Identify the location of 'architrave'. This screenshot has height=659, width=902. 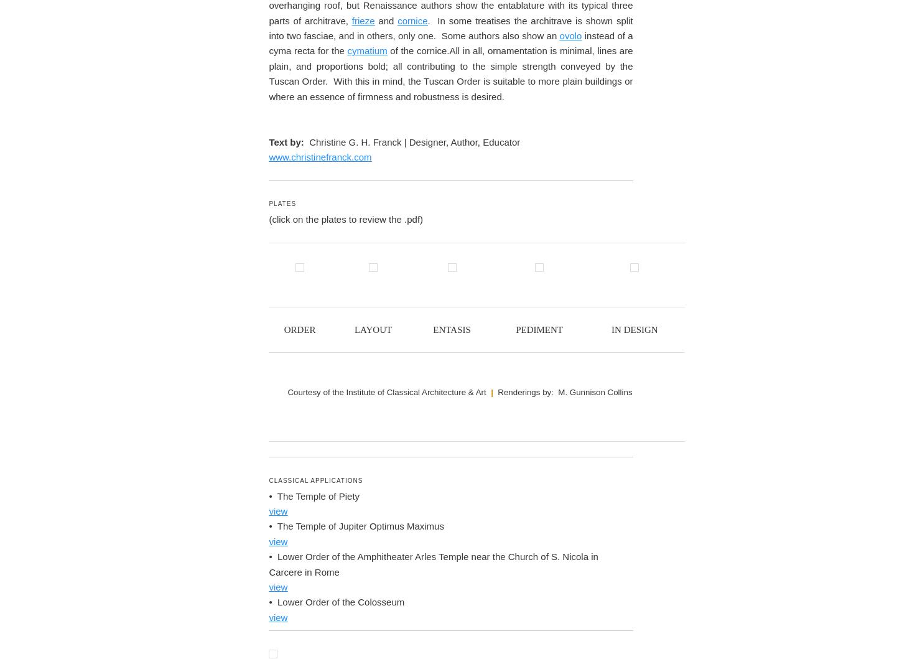
(364, 352).